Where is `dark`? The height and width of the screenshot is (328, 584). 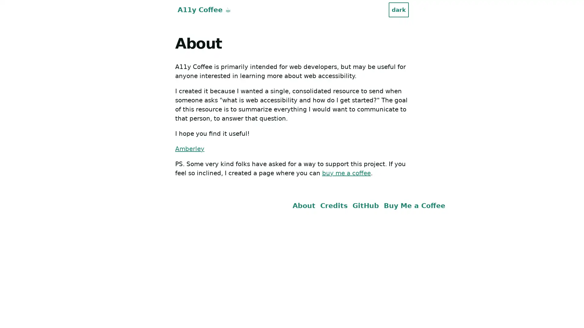 dark is located at coordinates (398, 10).